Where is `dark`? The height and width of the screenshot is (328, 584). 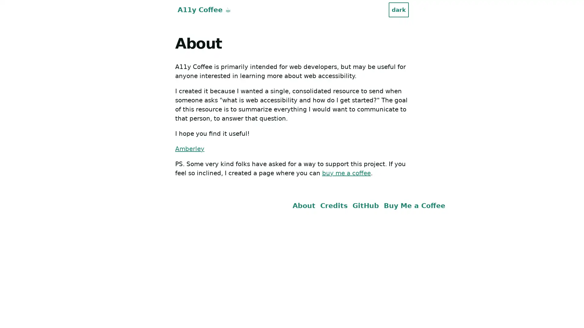 dark is located at coordinates (398, 10).